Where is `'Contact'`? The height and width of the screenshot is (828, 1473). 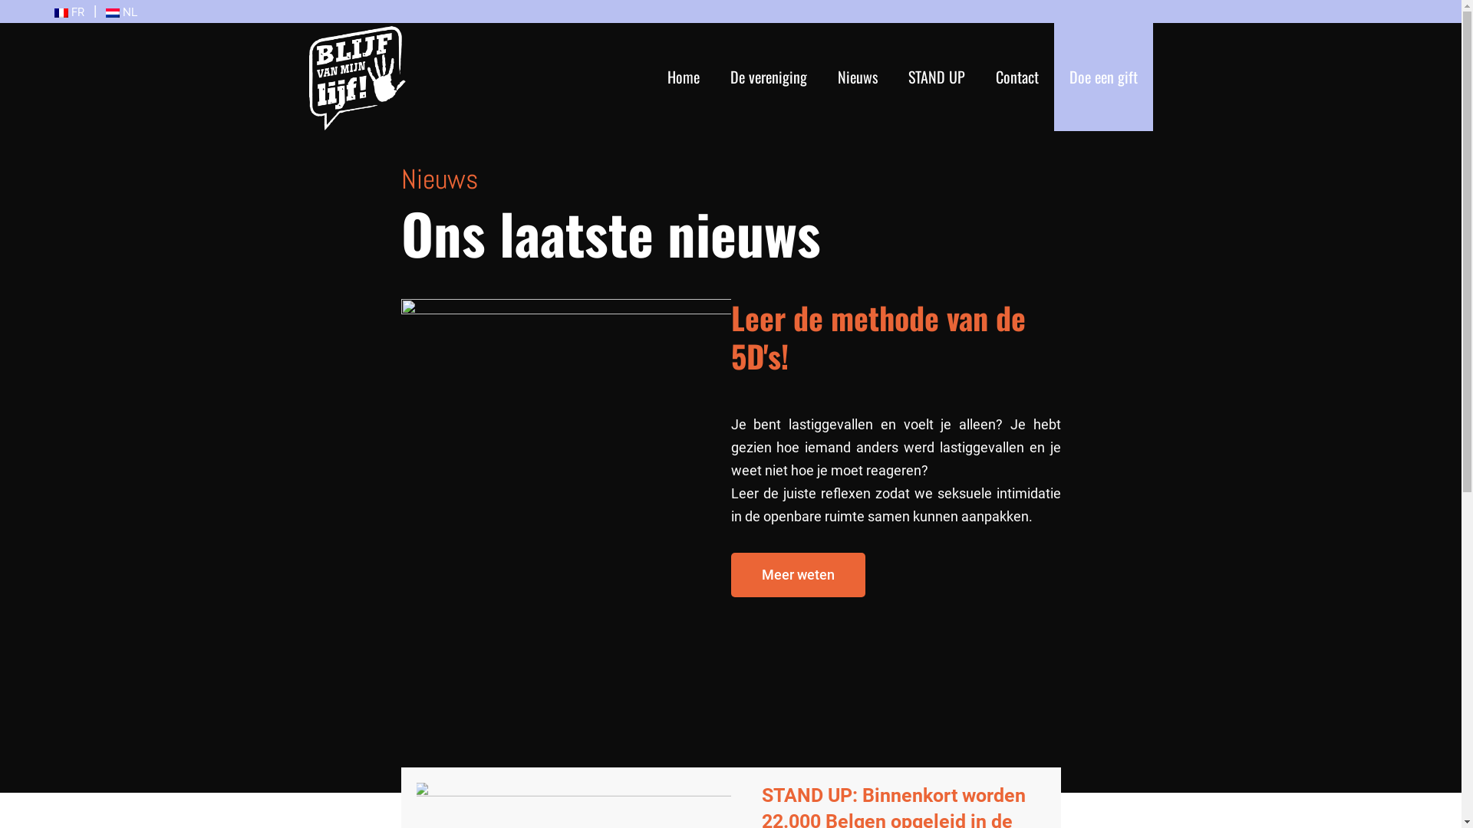
'Contact' is located at coordinates (1017, 77).